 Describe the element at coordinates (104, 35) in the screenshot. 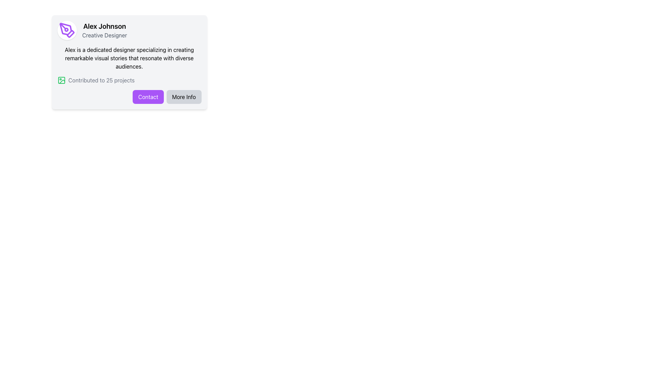

I see `the text label component displaying 'Creative Designer', which is styled in gray and located below the heading 'Alex Johnson' on the left-hand side of the card layout` at that location.